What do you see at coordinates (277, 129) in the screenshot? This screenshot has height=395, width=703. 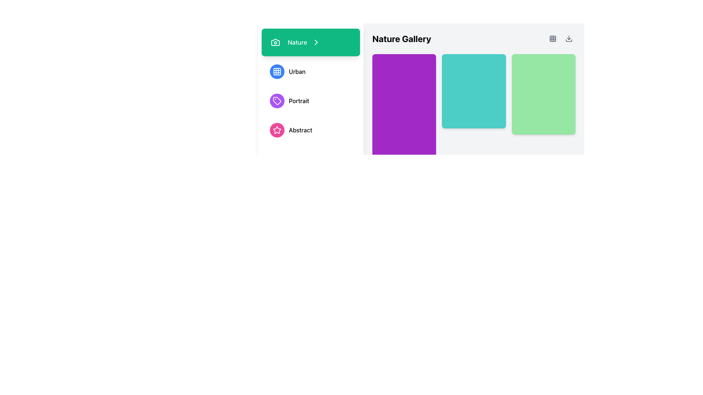 I see `the Icon button representing the 'Abstract' category, located in the left sidebar next to the text 'Abstract.'` at bounding box center [277, 129].